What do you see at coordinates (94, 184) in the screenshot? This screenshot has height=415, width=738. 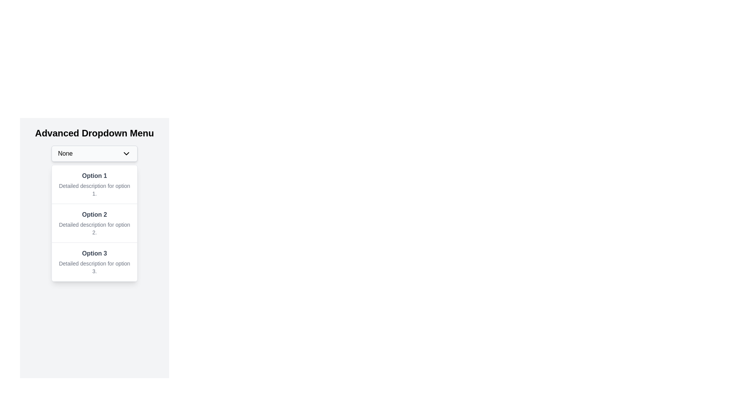 I see `the first selectable option in the dropdown menu labeled 'Option 1'` at bounding box center [94, 184].